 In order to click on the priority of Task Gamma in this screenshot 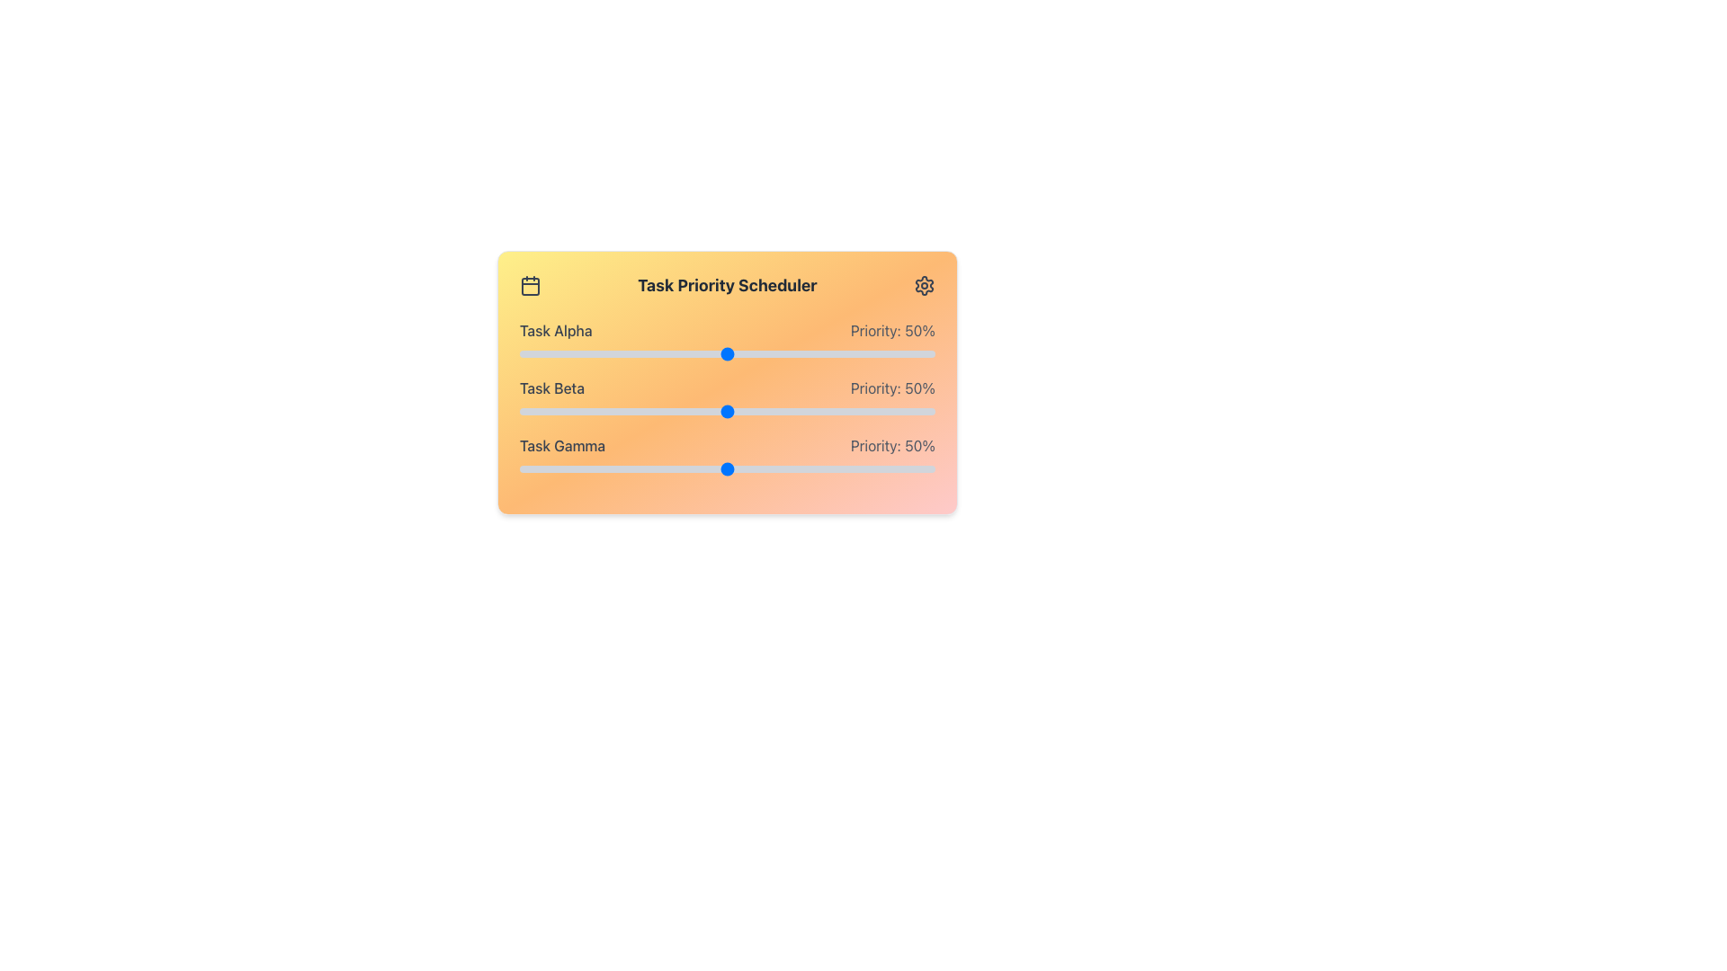, I will do `click(914, 468)`.